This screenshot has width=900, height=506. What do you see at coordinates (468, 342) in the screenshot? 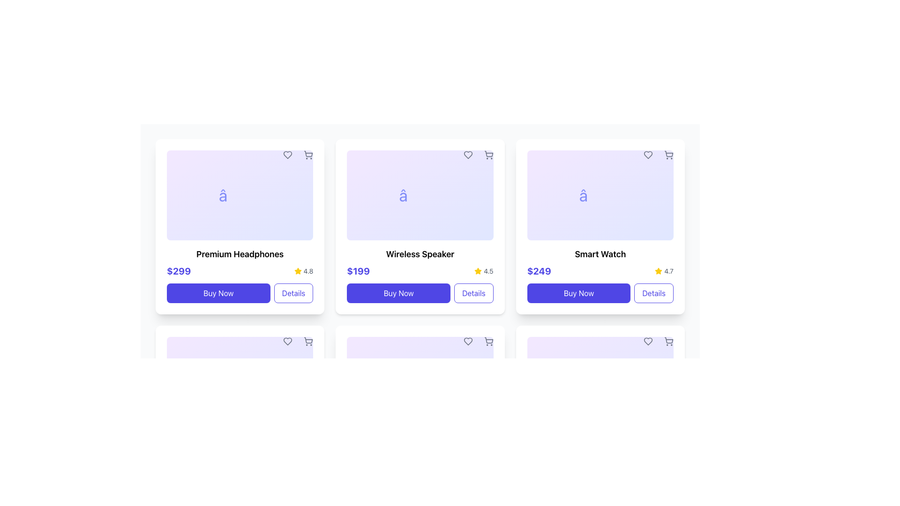
I see `the heart icon in the upper-right corner of the 'Wireless Speaker' card` at bounding box center [468, 342].